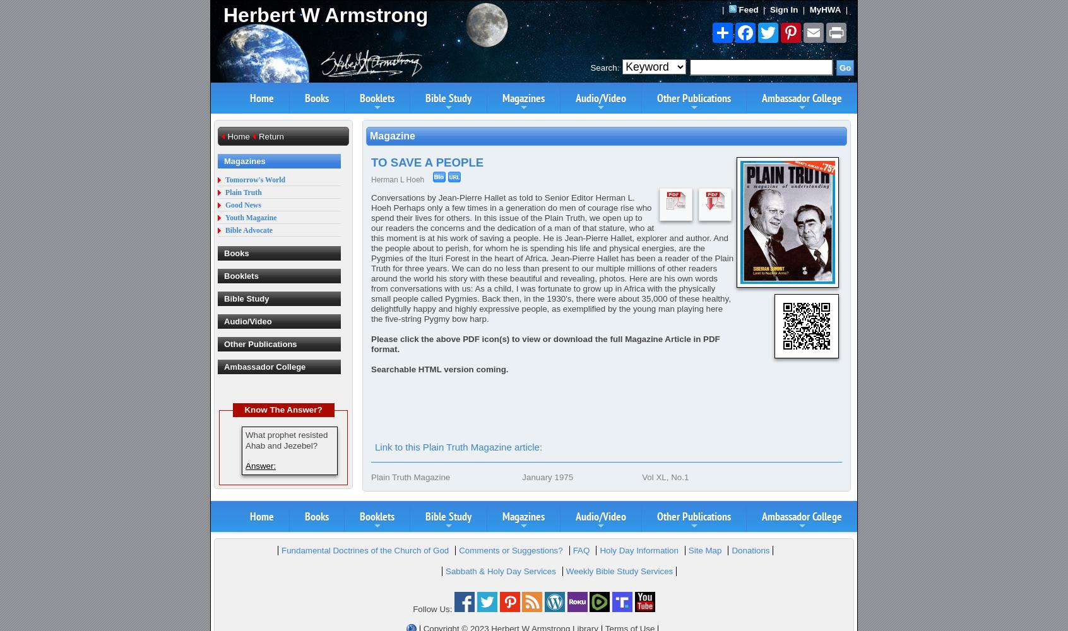 The image size is (1068, 631). What do you see at coordinates (605, 67) in the screenshot?
I see `'Search:'` at bounding box center [605, 67].